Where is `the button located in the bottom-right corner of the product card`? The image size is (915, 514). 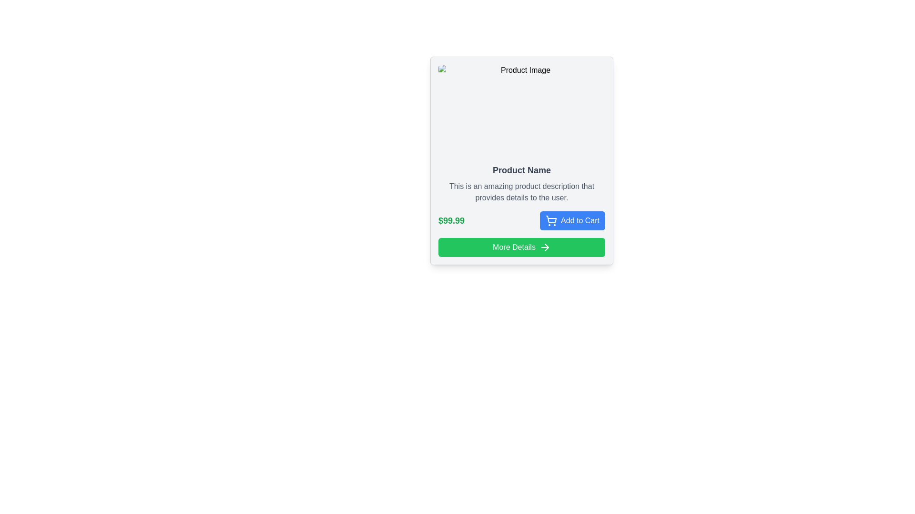
the button located in the bottom-right corner of the product card is located at coordinates (572, 220).